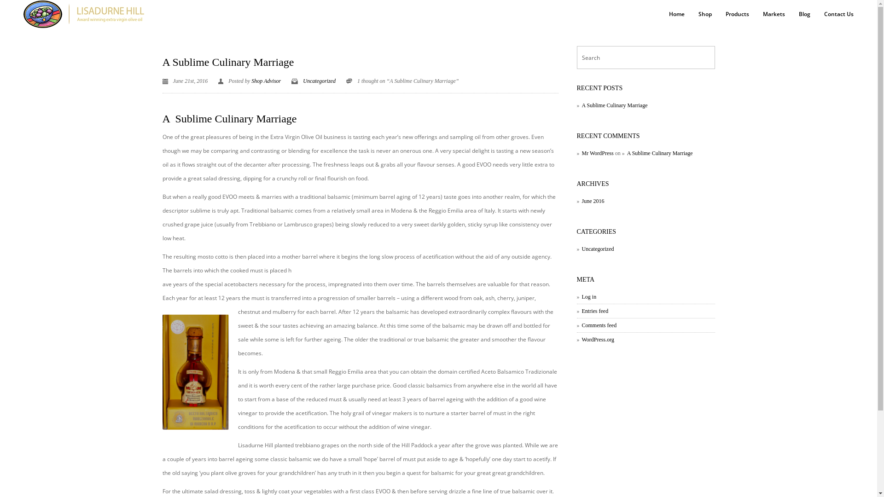  I want to click on 'Products', so click(737, 14).